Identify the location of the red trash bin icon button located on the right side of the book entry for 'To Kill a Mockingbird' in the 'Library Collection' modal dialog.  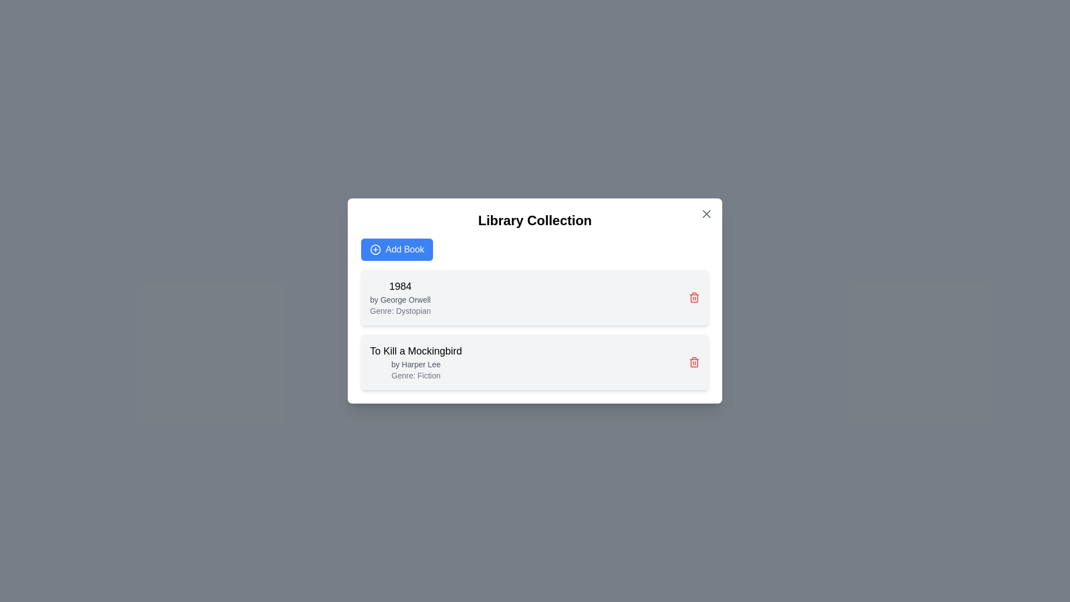
(694, 298).